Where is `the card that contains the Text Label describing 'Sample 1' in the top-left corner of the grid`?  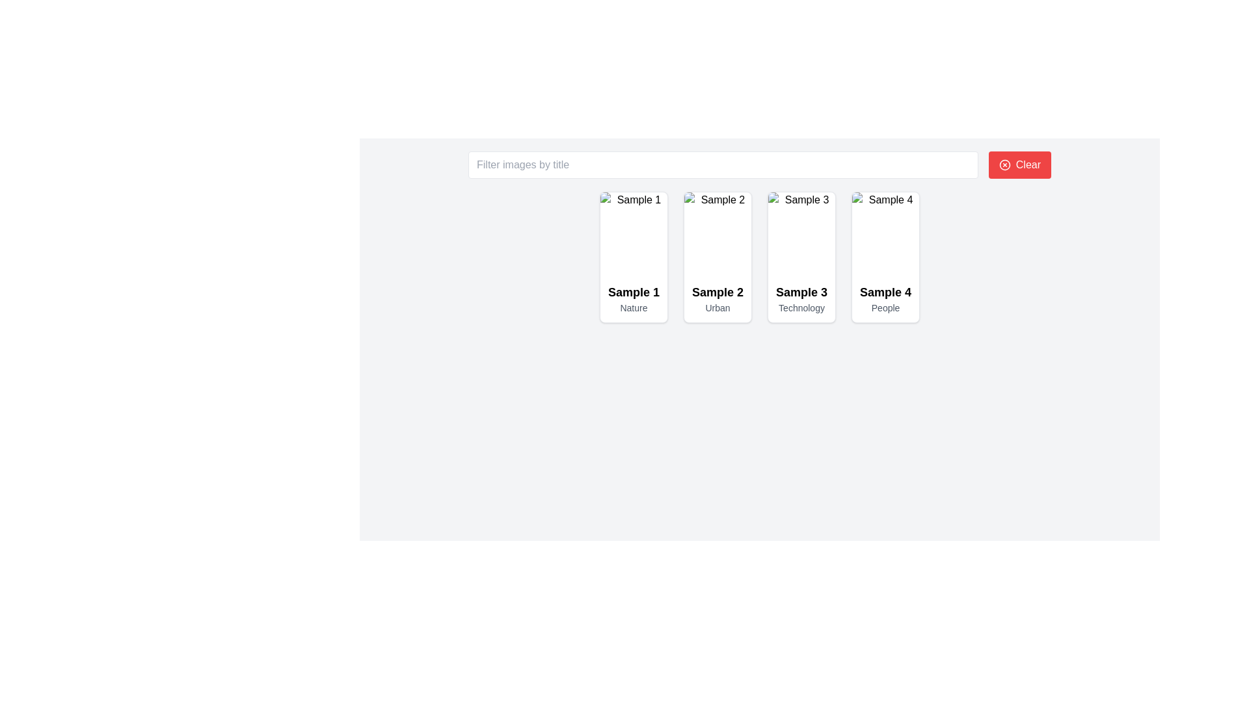
the card that contains the Text Label describing 'Sample 1' in the top-left corner of the grid is located at coordinates (634, 298).